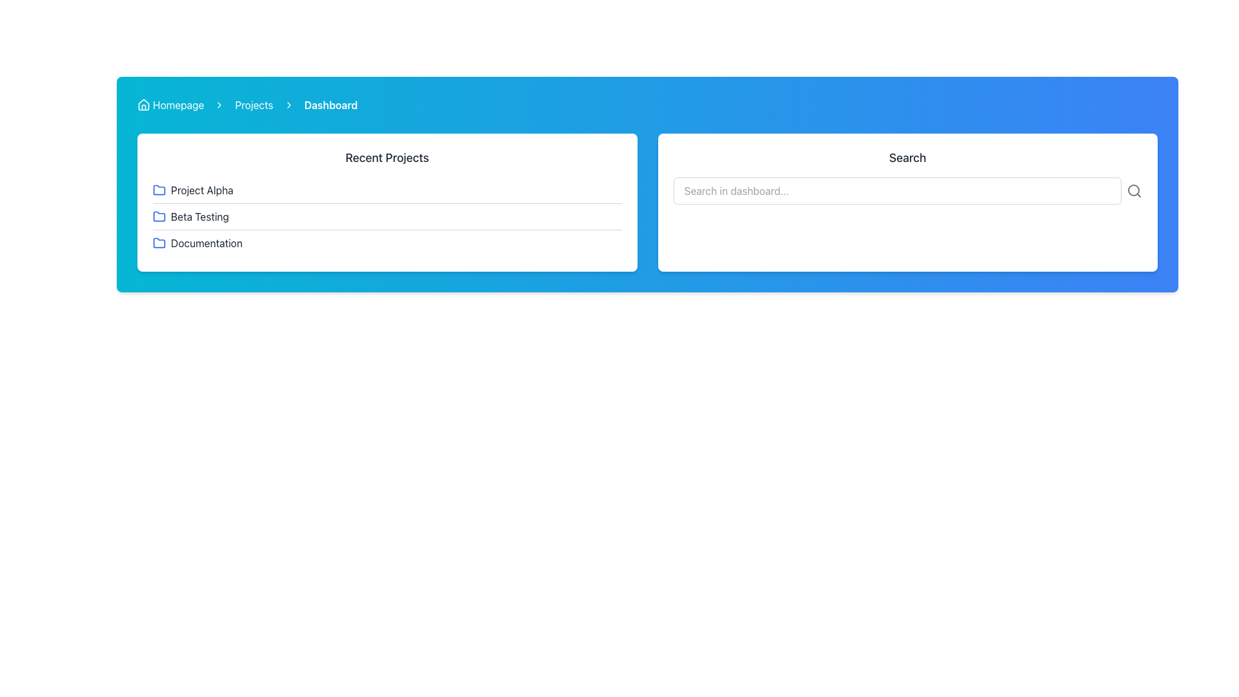  What do you see at coordinates (158, 216) in the screenshot?
I see `the folder icon representing the 'Beta Testing' project located in the second row of the 'Recent Projects' section, adjacent to the text 'Beta Testing'` at bounding box center [158, 216].